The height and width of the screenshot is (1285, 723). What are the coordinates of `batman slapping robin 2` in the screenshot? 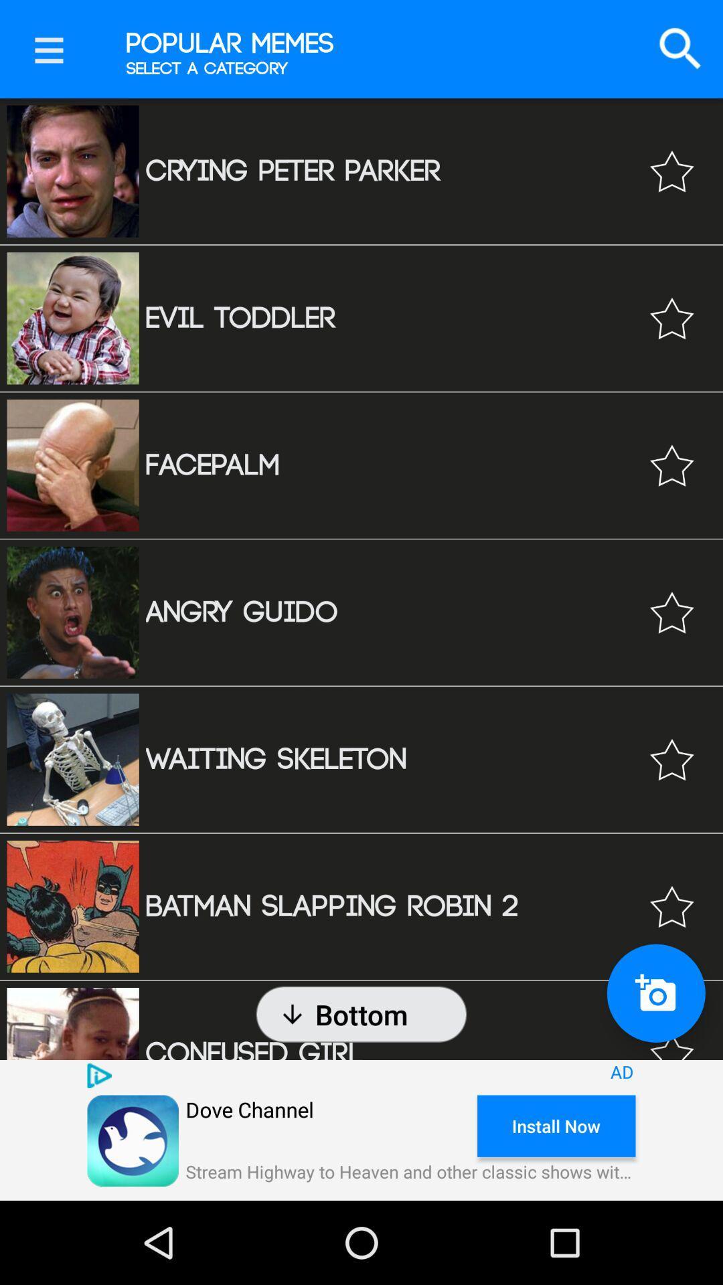 It's located at (671, 906).